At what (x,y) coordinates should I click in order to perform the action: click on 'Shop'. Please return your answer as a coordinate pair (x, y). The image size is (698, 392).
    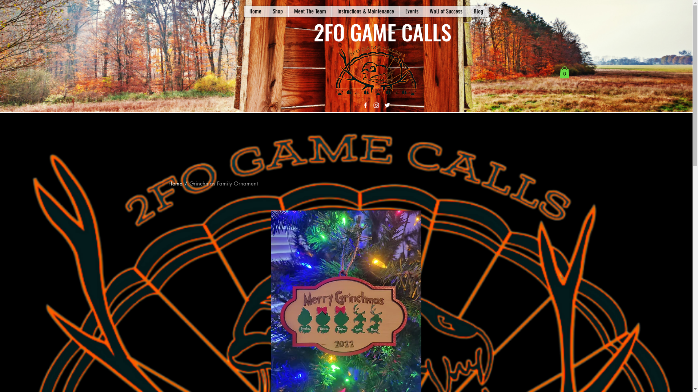
    Looking at the image, I should click on (277, 11).